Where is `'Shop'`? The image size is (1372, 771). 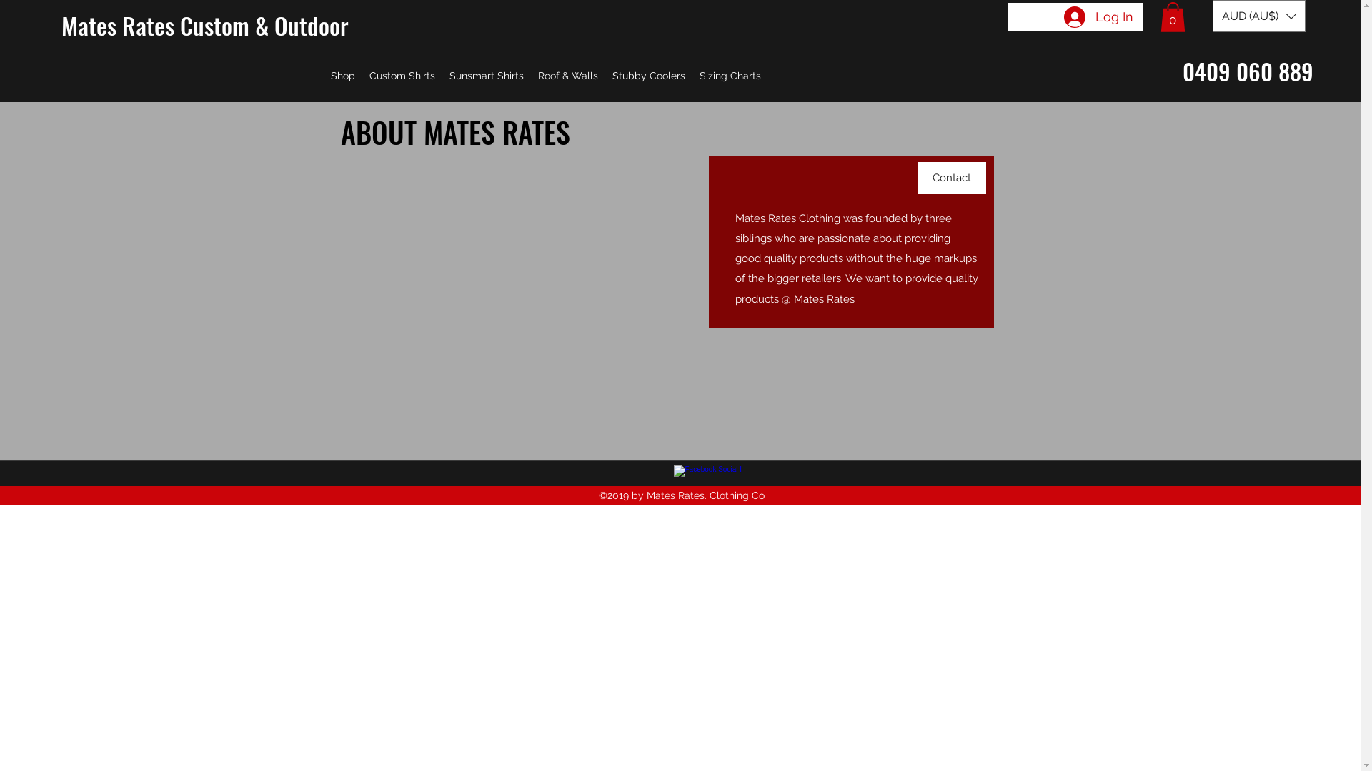
'Shop' is located at coordinates (343, 75).